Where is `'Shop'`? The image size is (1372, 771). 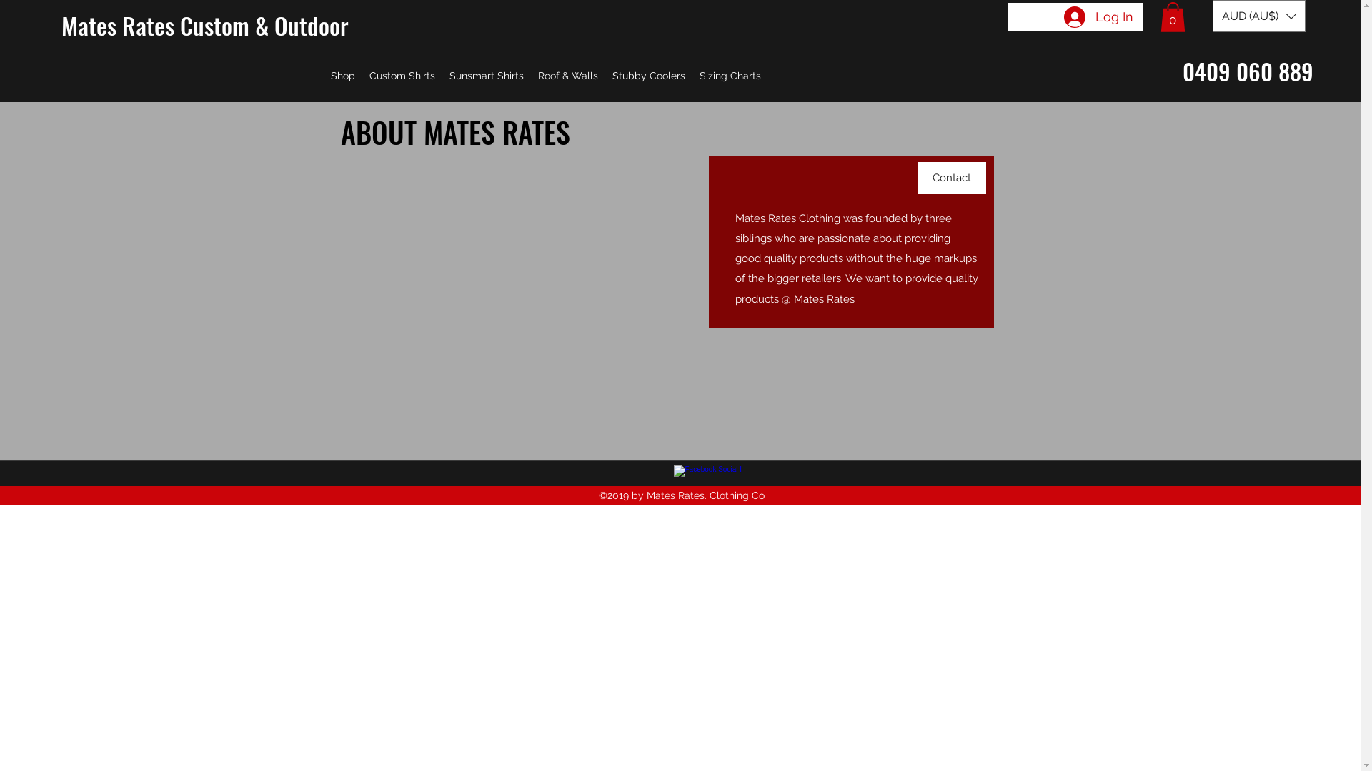
'Shop' is located at coordinates (343, 75).